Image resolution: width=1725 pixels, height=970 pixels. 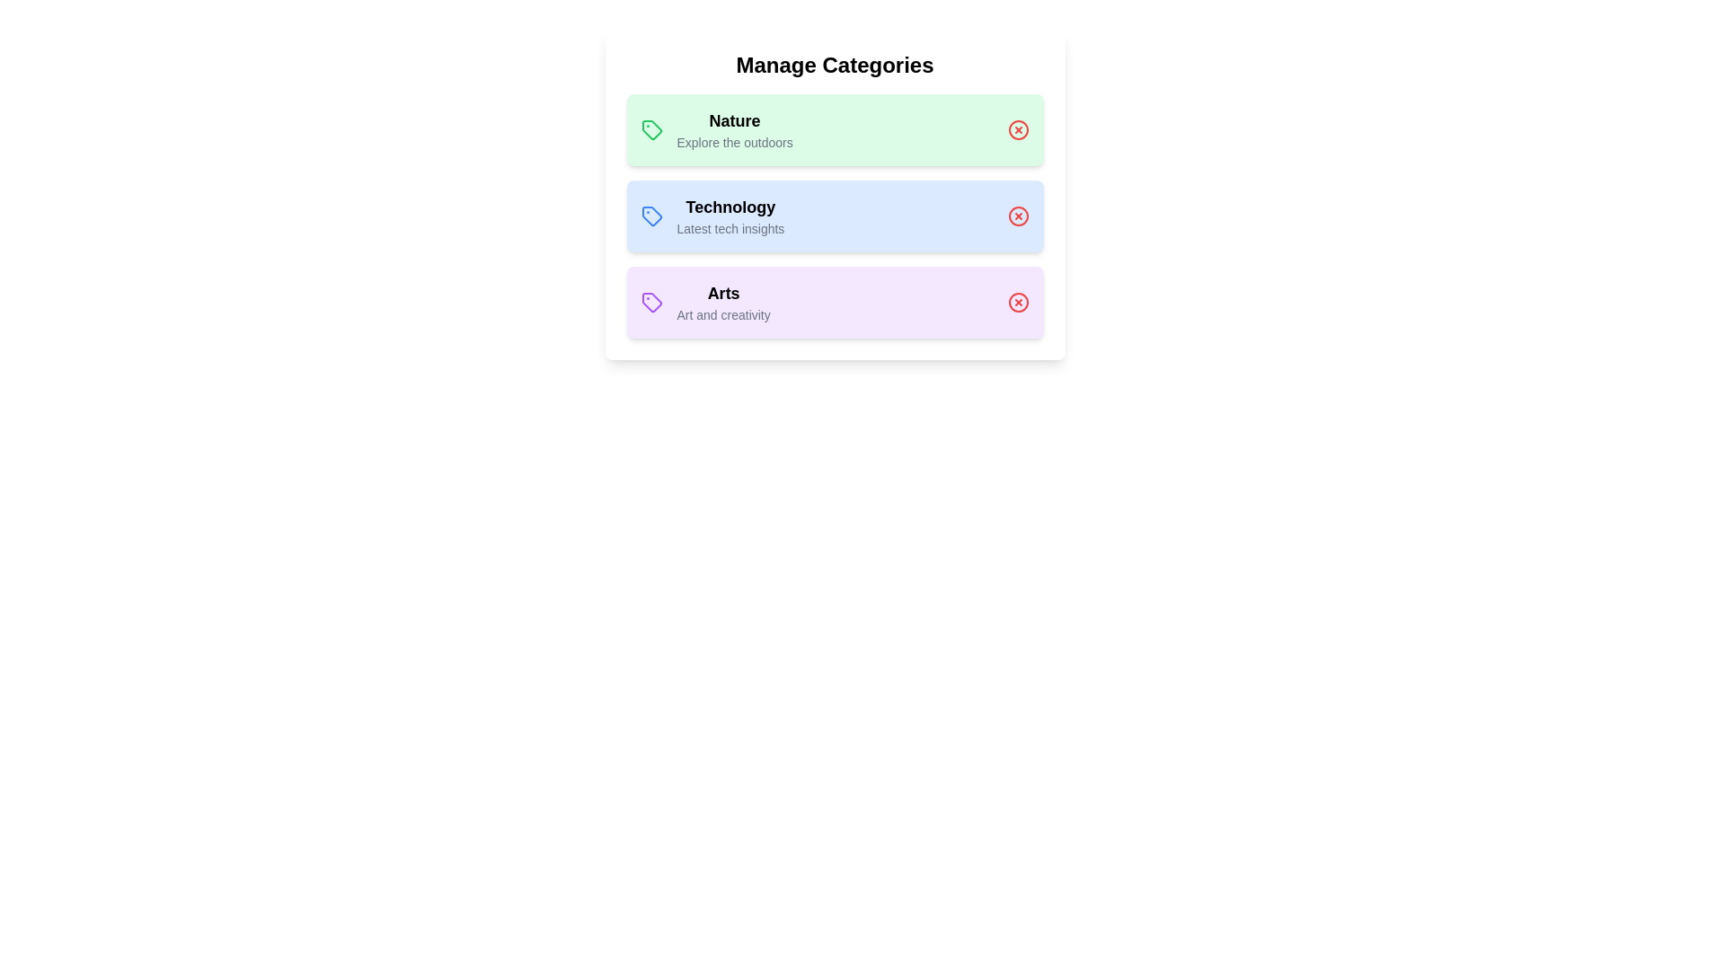 What do you see at coordinates (834, 65) in the screenshot?
I see `the header text 'Manage Categories'` at bounding box center [834, 65].